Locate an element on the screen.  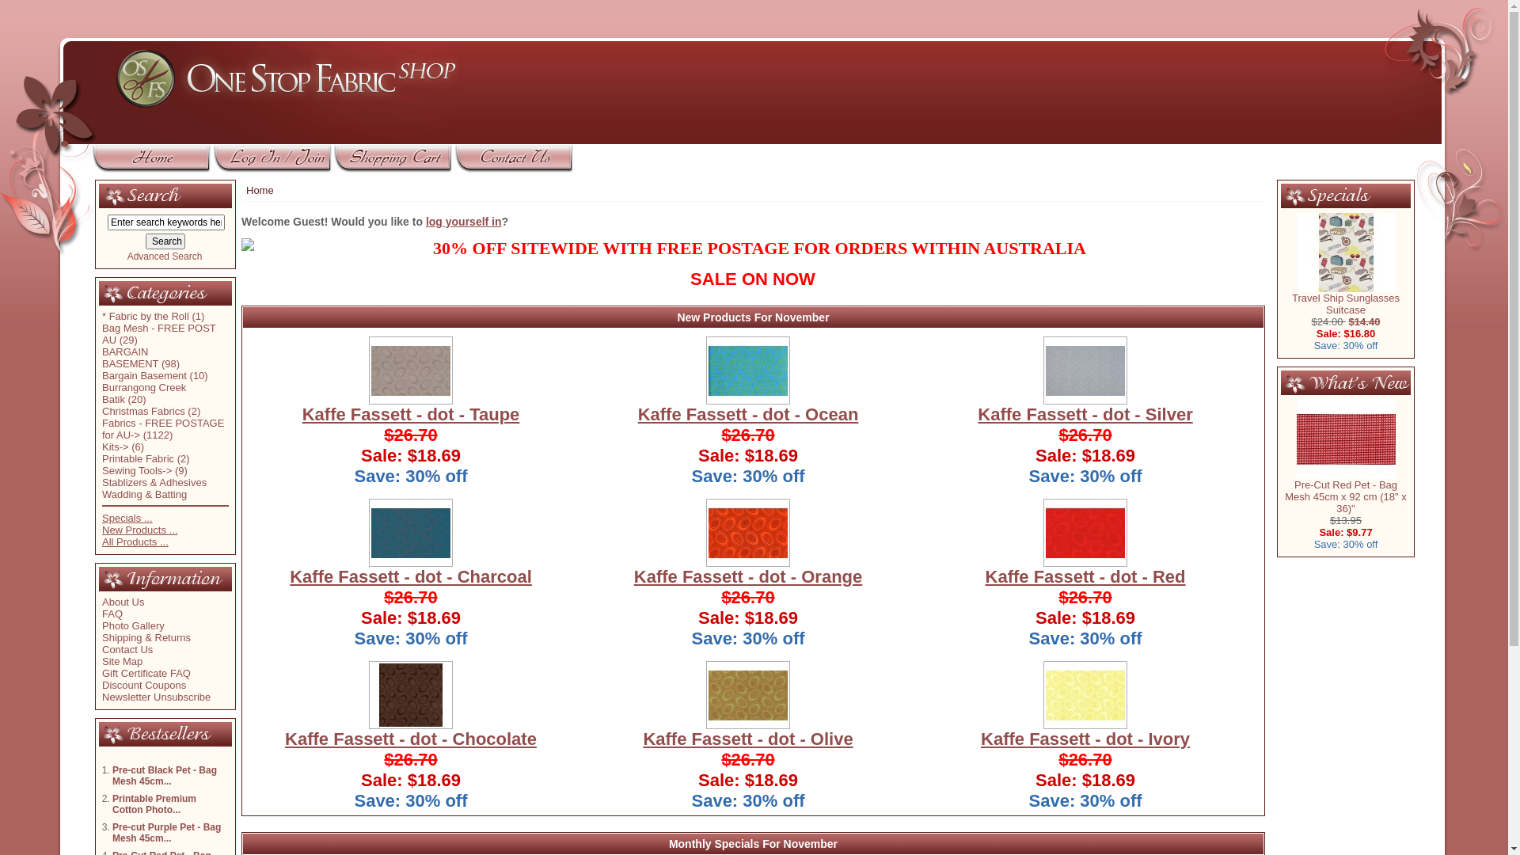
'Discount Coupons' is located at coordinates (144, 684).